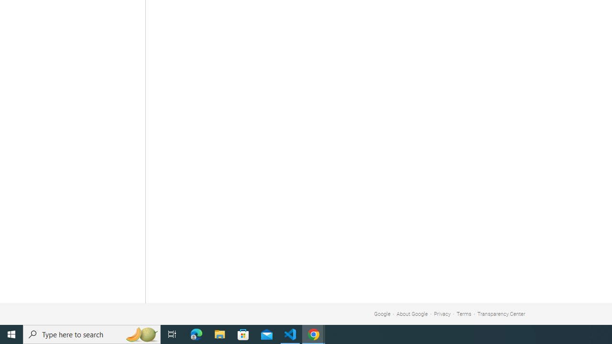  Describe the element at coordinates (501, 314) in the screenshot. I see `'Transparency Center'` at that location.